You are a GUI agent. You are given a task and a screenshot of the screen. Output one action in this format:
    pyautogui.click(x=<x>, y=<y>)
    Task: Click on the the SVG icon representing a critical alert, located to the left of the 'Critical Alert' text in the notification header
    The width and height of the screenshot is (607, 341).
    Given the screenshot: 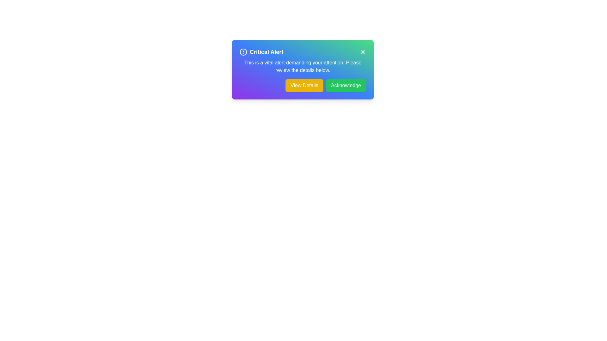 What is the action you would take?
    pyautogui.click(x=243, y=52)
    